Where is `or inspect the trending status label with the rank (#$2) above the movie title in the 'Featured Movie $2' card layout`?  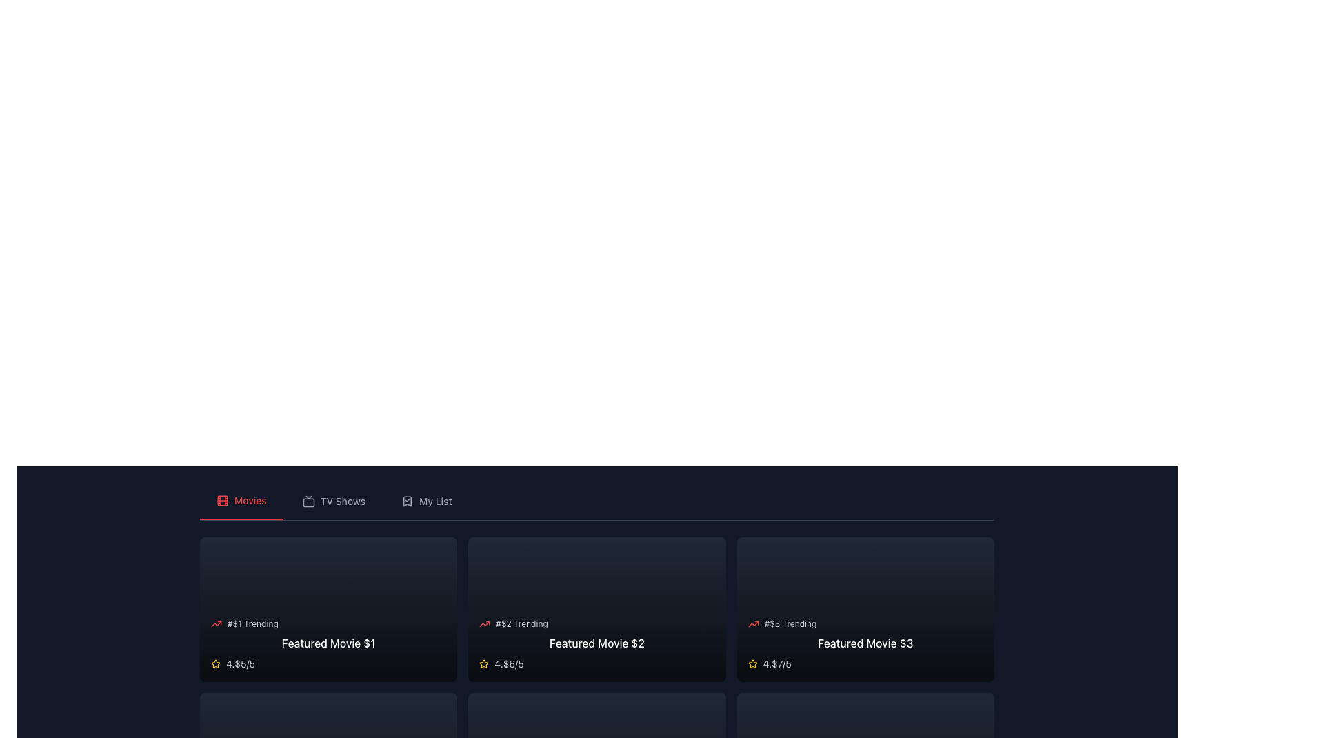
or inspect the trending status label with the rank (#$2) above the movie title in the 'Featured Movie $2' card layout is located at coordinates (596, 624).